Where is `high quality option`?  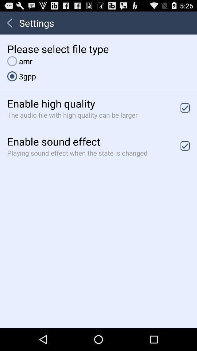
high quality option is located at coordinates (185, 107).